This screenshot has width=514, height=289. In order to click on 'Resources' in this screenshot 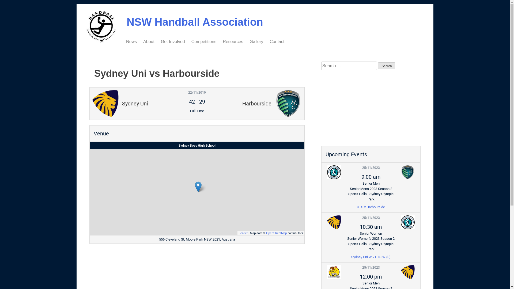, I will do `click(233, 41)`.